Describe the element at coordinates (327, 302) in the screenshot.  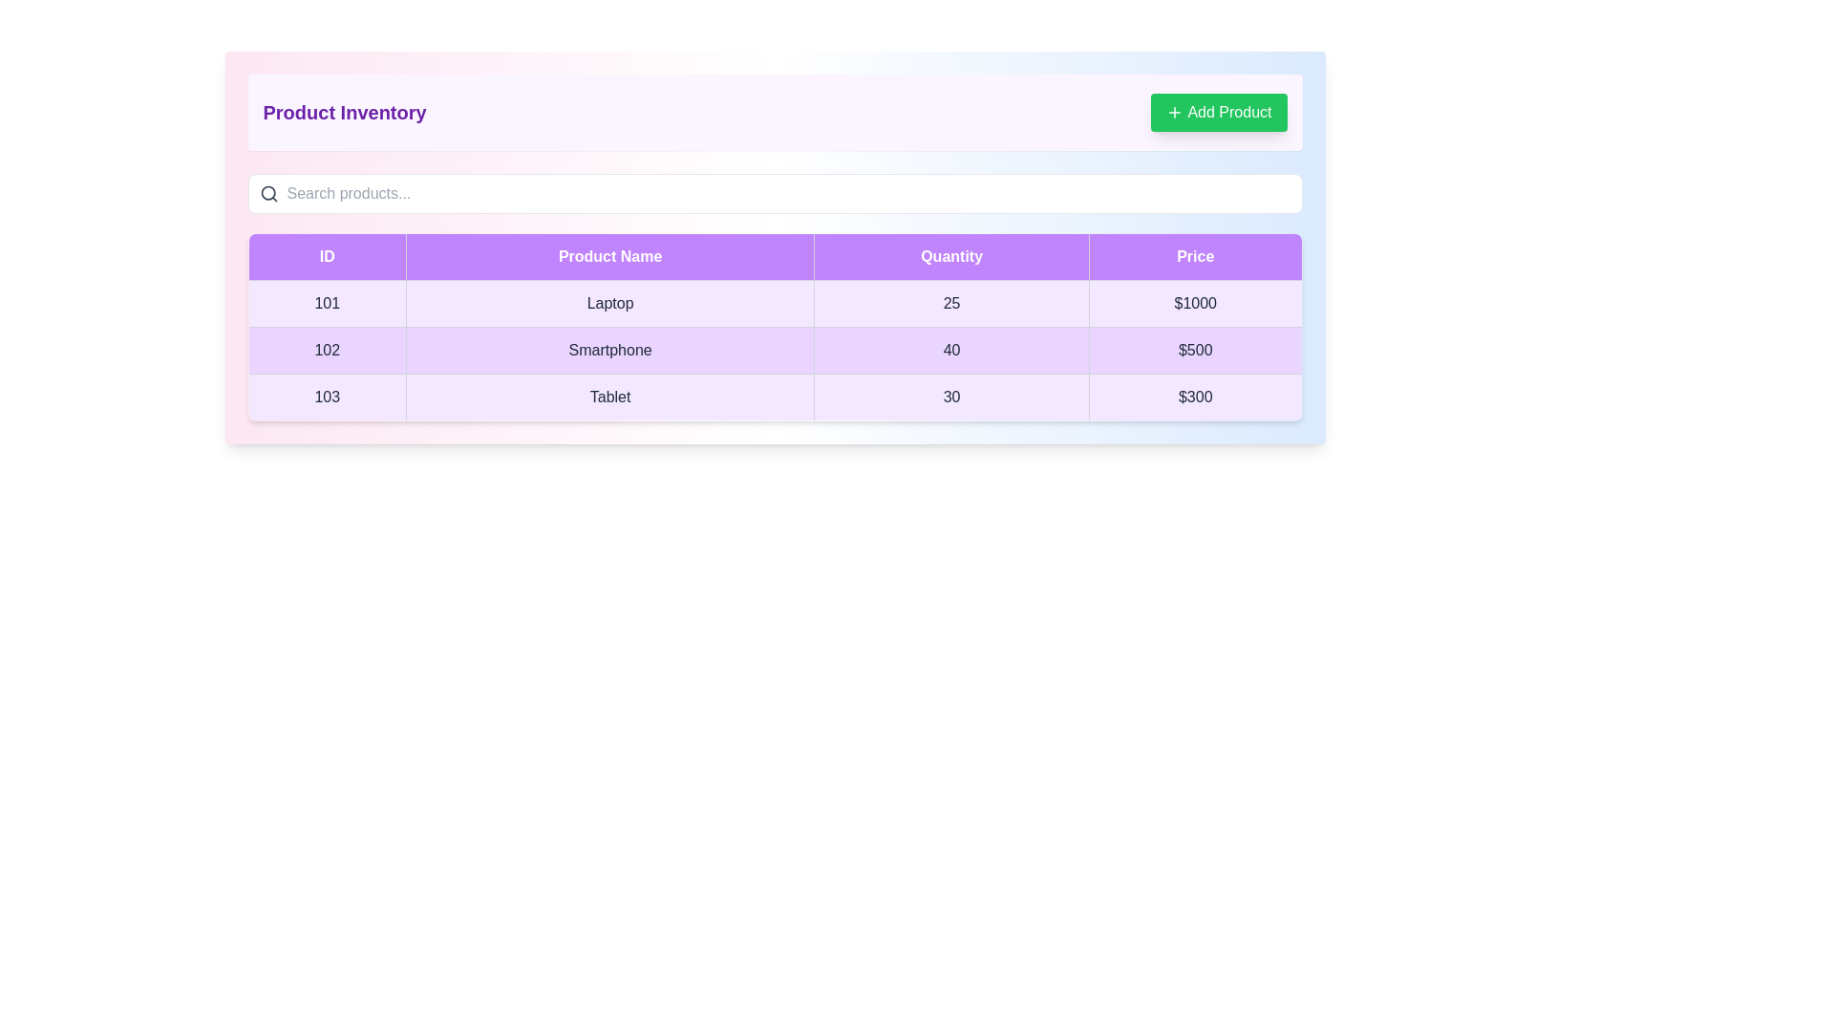
I see `unique identifier or serial number displayed in the first table cell under the 'ID' header, located in the top-left section of the grid` at that location.